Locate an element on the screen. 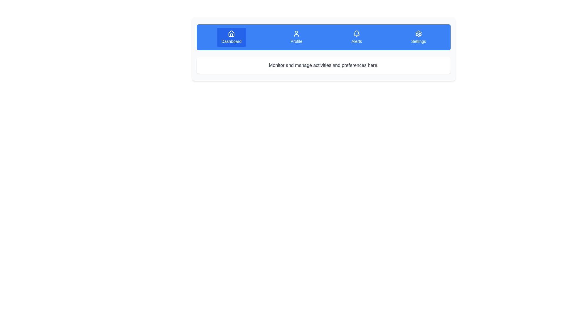  the 'Alerts' button, the third interactive option in a horizontal row of navigation buttons is located at coordinates (356, 37).